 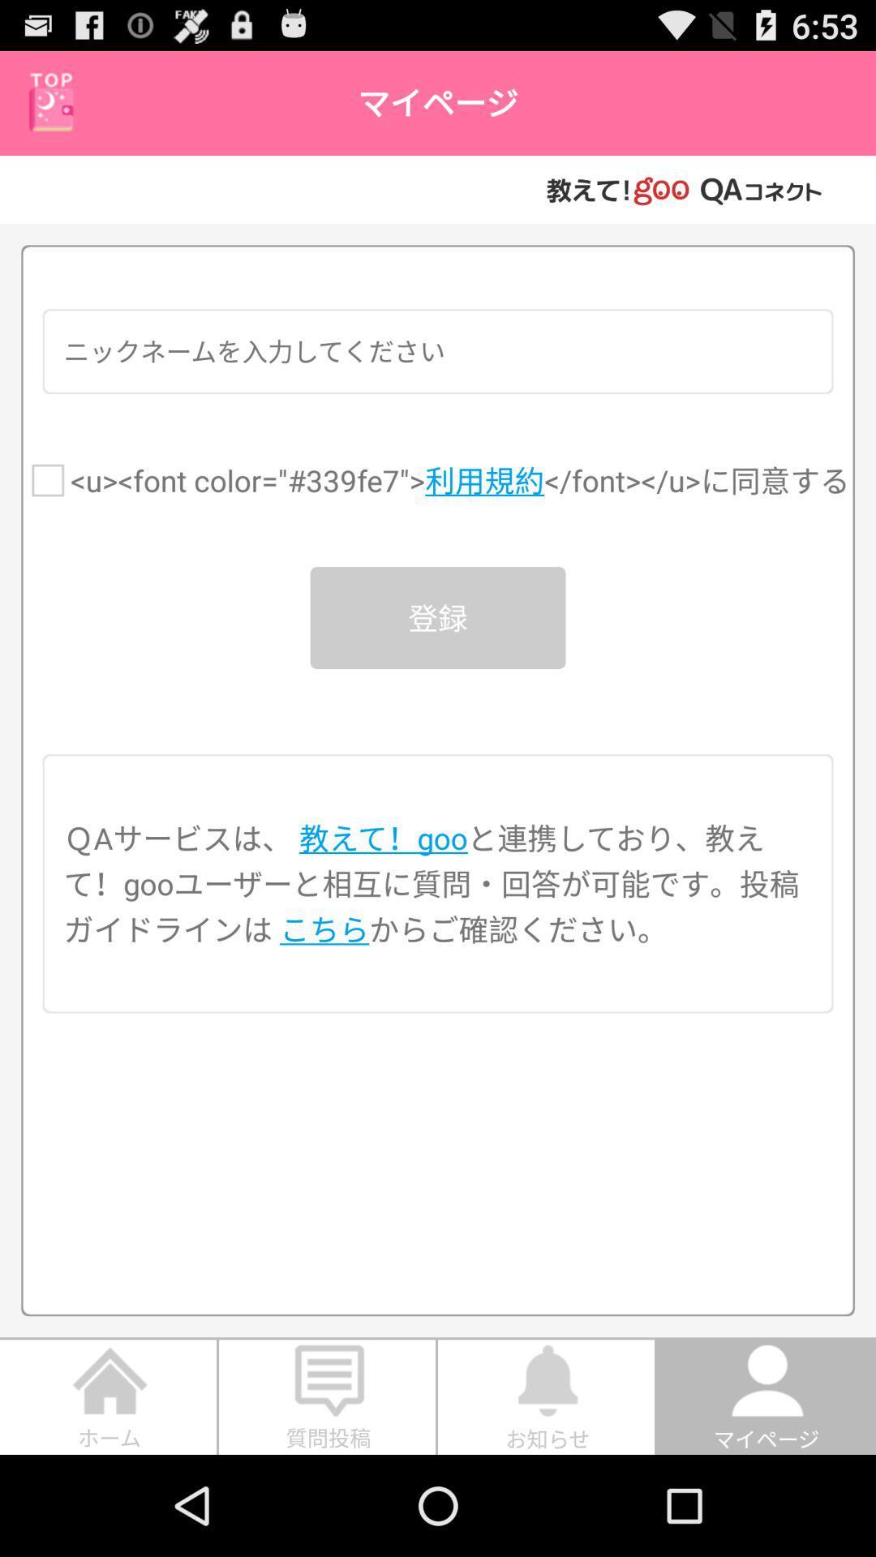 I want to click on the u font color item, so click(x=460, y=479).